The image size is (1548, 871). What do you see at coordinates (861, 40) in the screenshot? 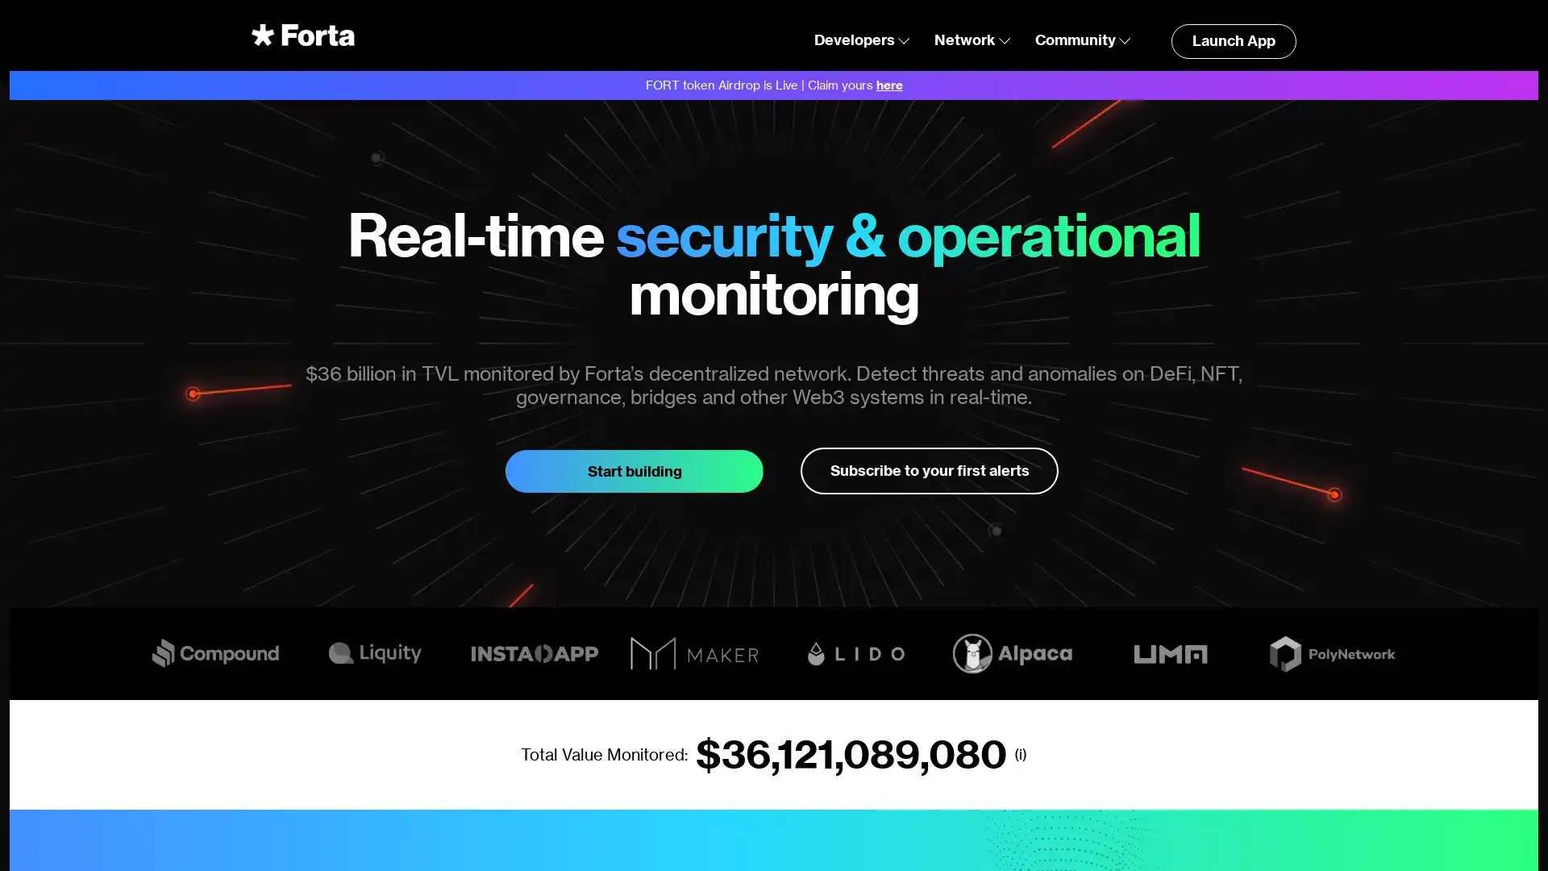
I see `Developers` at bounding box center [861, 40].